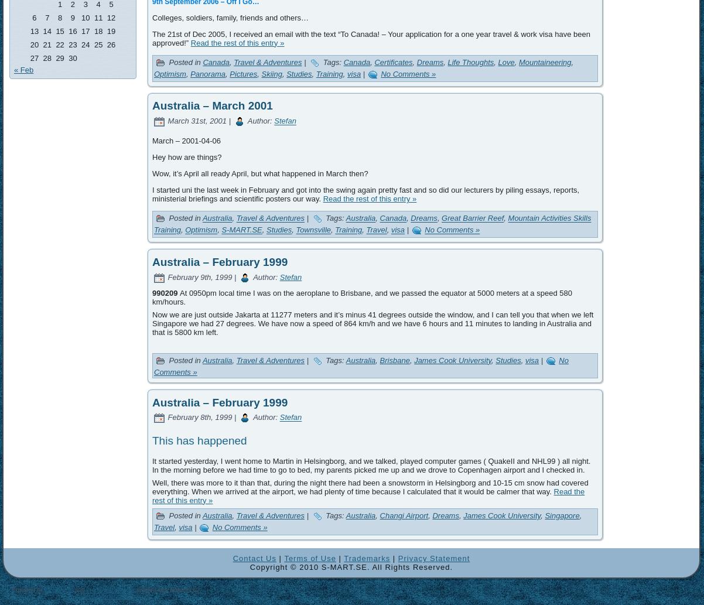  I want to click on 'Terms of Use', so click(309, 558).